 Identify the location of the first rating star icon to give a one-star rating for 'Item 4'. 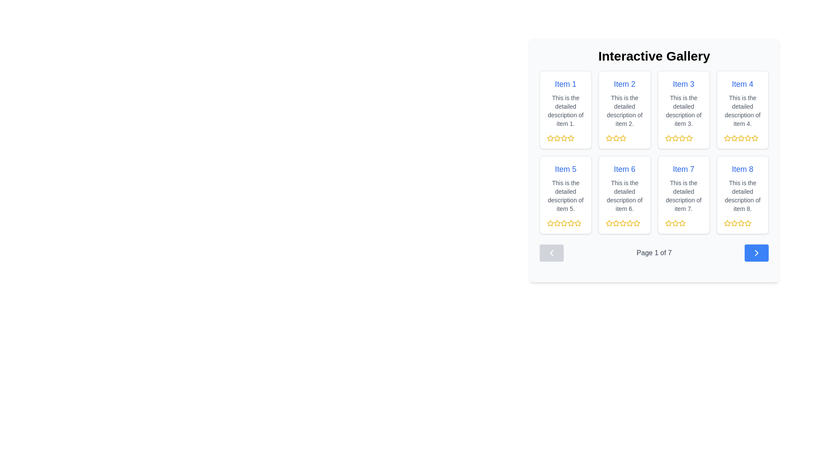
(733, 137).